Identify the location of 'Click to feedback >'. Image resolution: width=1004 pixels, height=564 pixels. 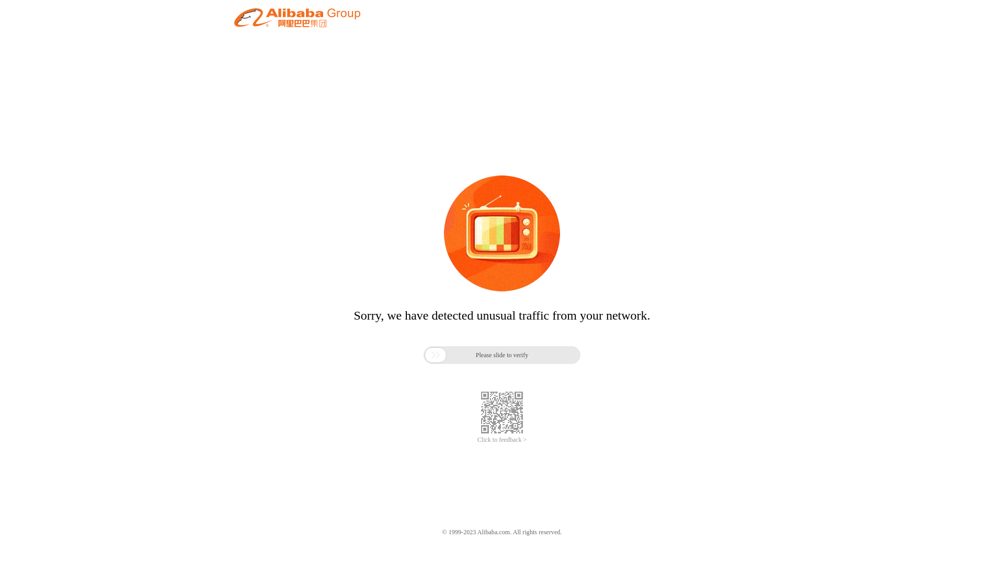
(502, 440).